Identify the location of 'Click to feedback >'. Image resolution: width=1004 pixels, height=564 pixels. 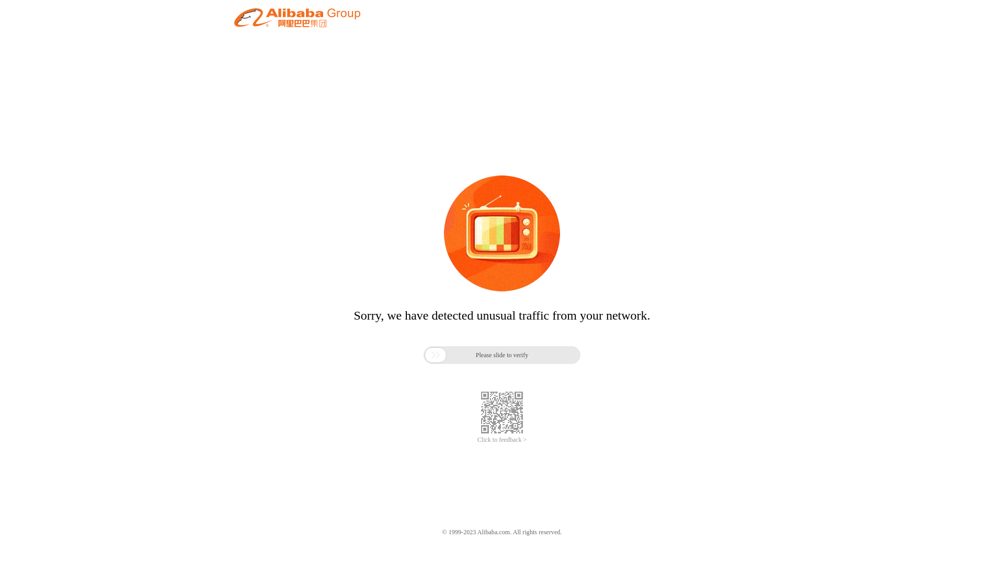
(502, 440).